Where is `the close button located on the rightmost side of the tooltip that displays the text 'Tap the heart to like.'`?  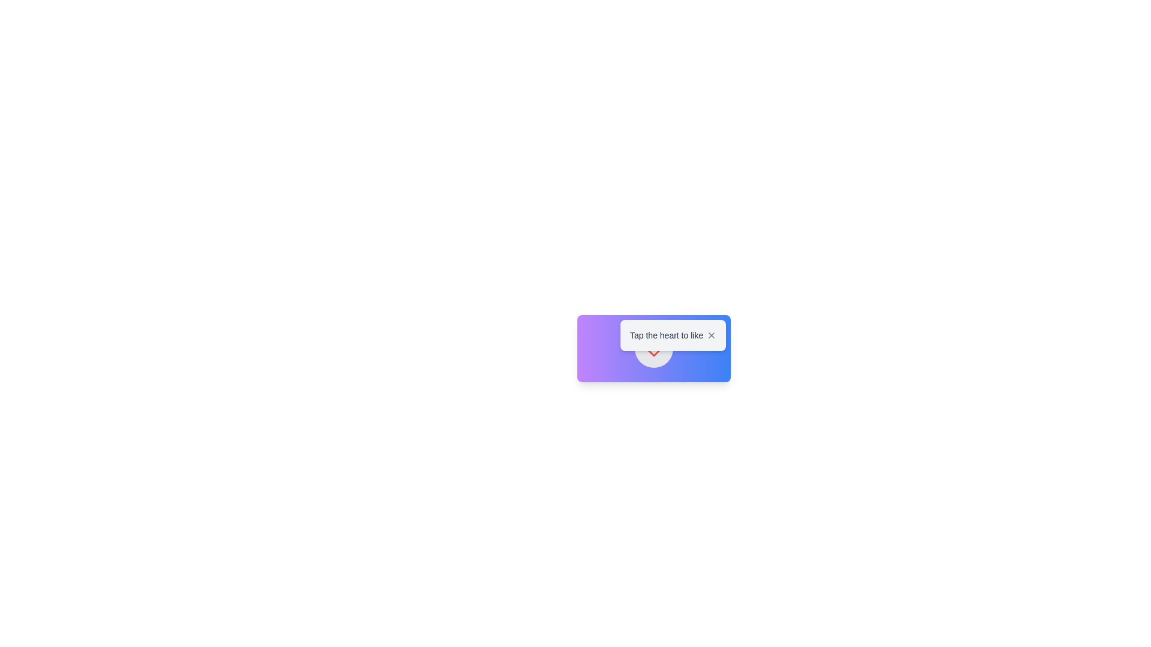 the close button located on the rightmost side of the tooltip that displays the text 'Tap the heart to like.' is located at coordinates (711, 335).